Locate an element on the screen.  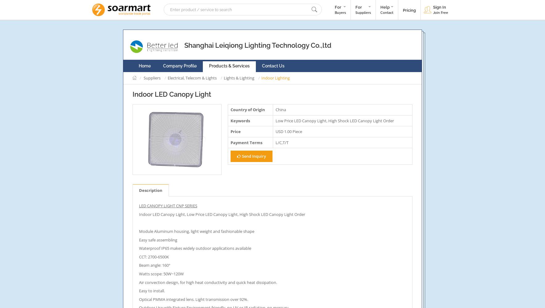
'Easy safe assembling' is located at coordinates (158, 240).